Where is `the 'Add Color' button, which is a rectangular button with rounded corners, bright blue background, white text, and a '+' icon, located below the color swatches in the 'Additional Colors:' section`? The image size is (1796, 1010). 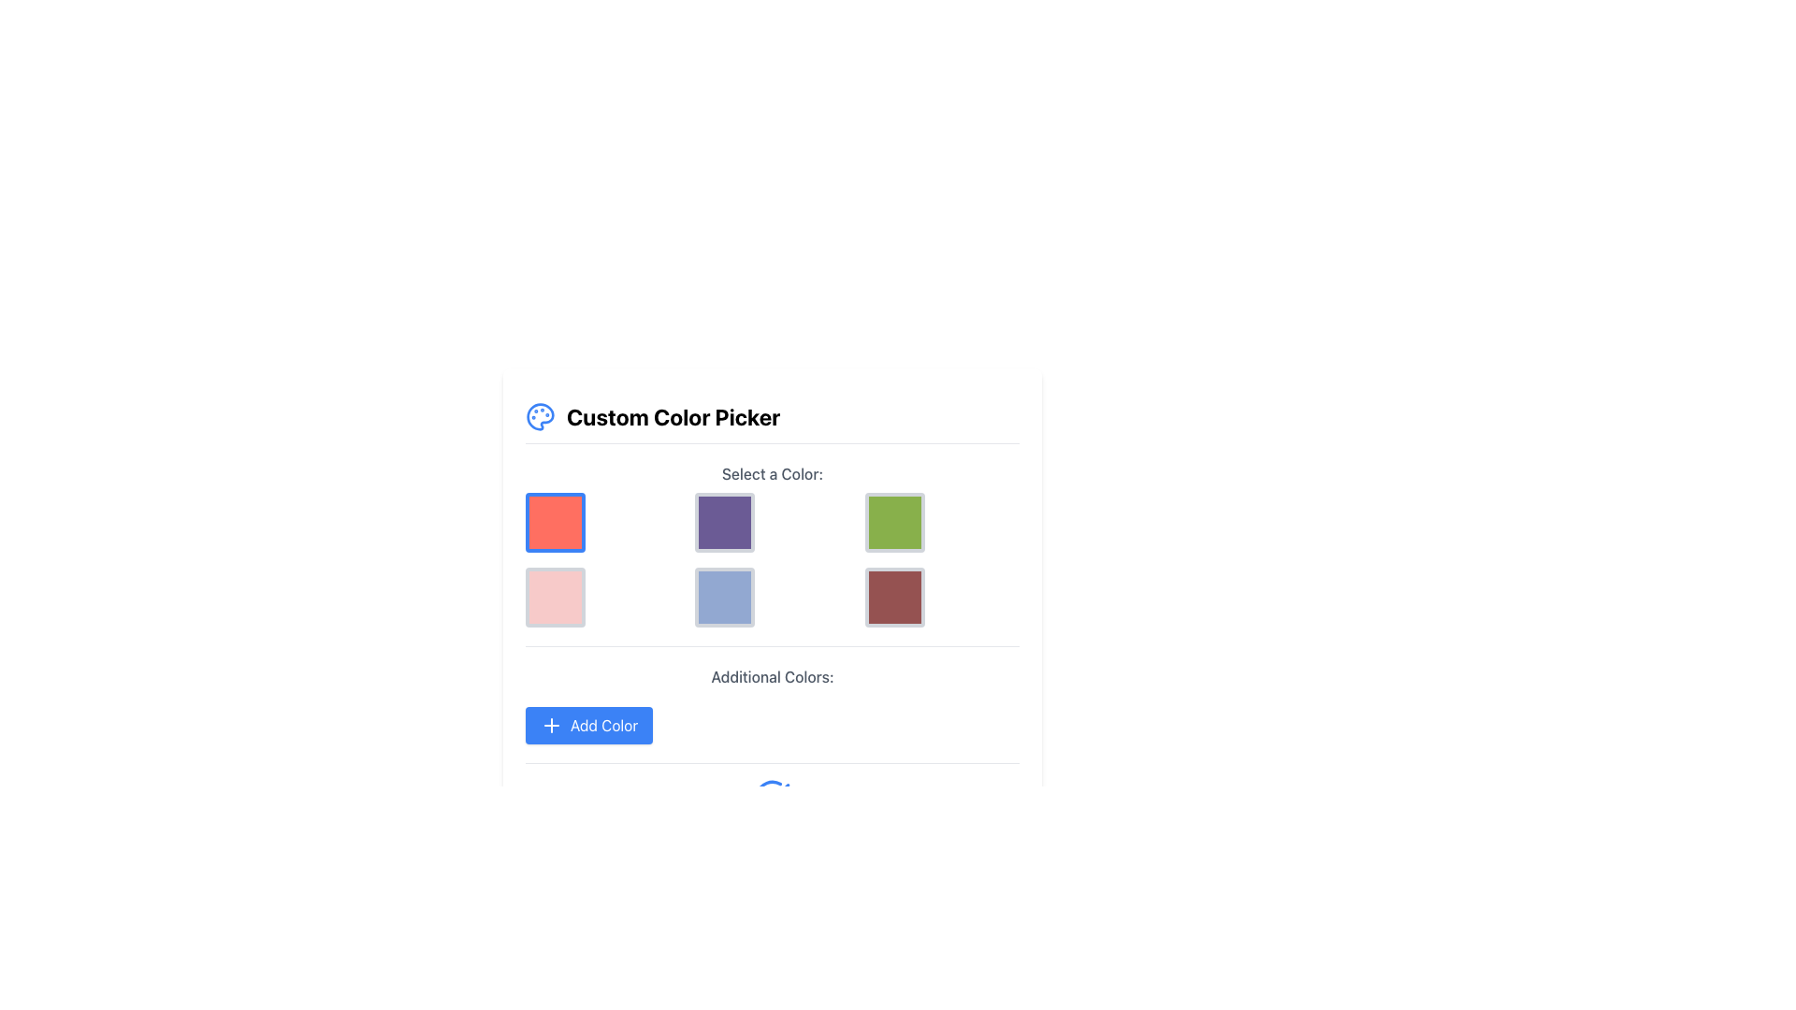 the 'Add Color' button, which is a rectangular button with rounded corners, bright blue background, white text, and a '+' icon, located below the color swatches in the 'Additional Colors:' section is located at coordinates (588, 724).